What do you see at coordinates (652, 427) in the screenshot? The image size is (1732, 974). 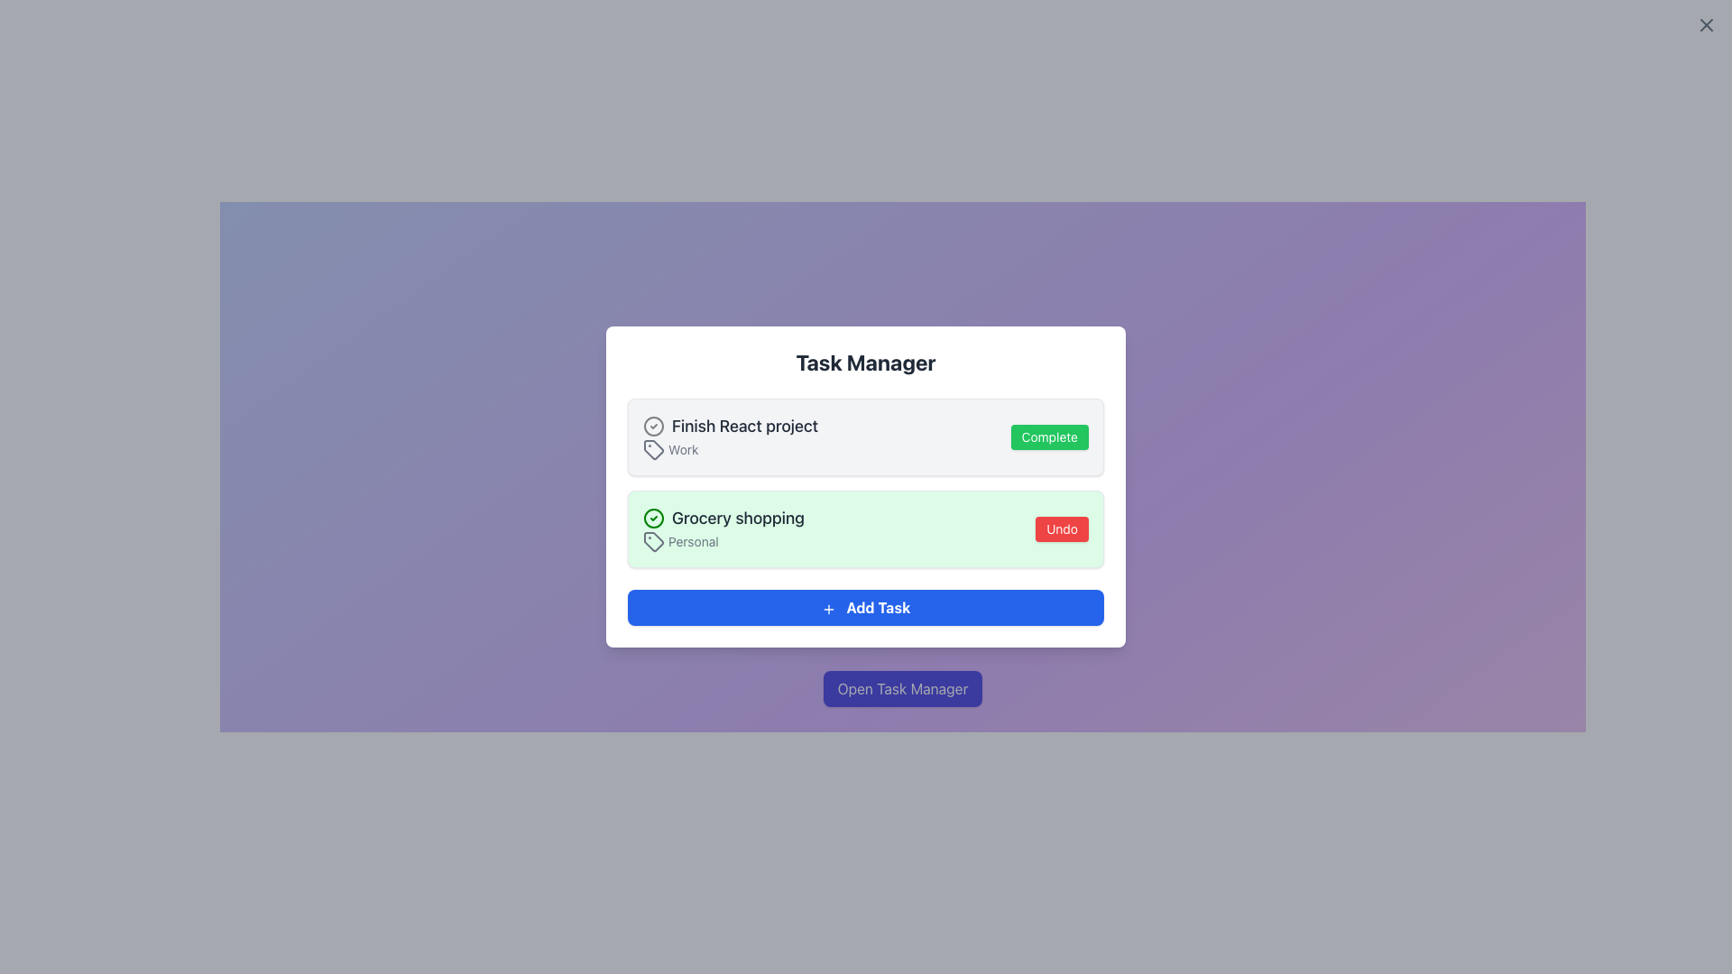 I see `the completion status of the task labeled 'Finish React project' by clicking on the status icon located at the top of the first task in the task list` at bounding box center [652, 427].